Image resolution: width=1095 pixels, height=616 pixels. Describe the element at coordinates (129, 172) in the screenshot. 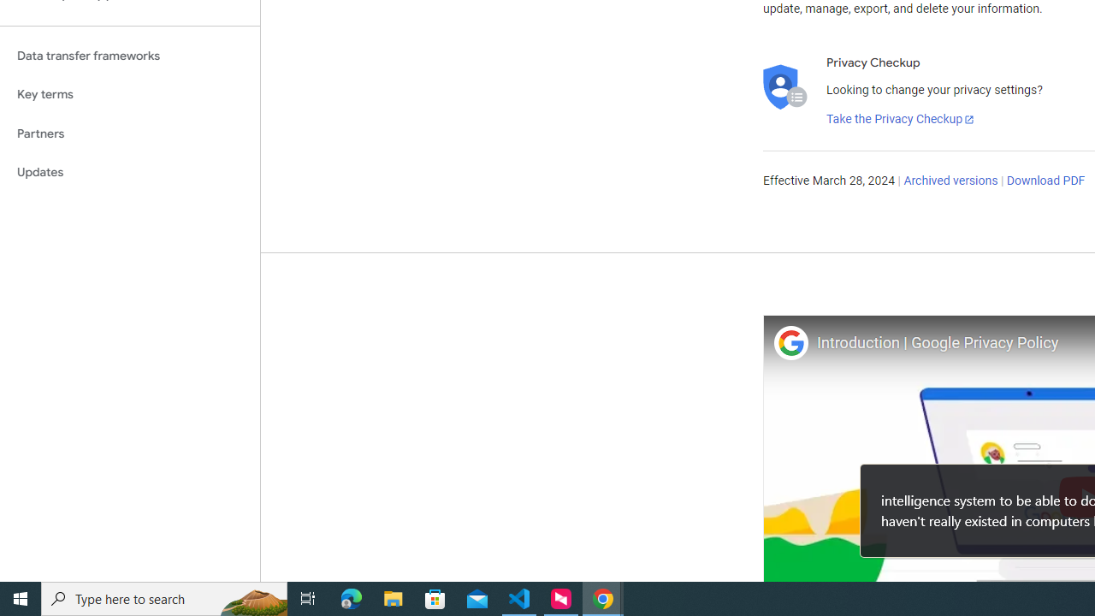

I see `'Updates'` at that location.